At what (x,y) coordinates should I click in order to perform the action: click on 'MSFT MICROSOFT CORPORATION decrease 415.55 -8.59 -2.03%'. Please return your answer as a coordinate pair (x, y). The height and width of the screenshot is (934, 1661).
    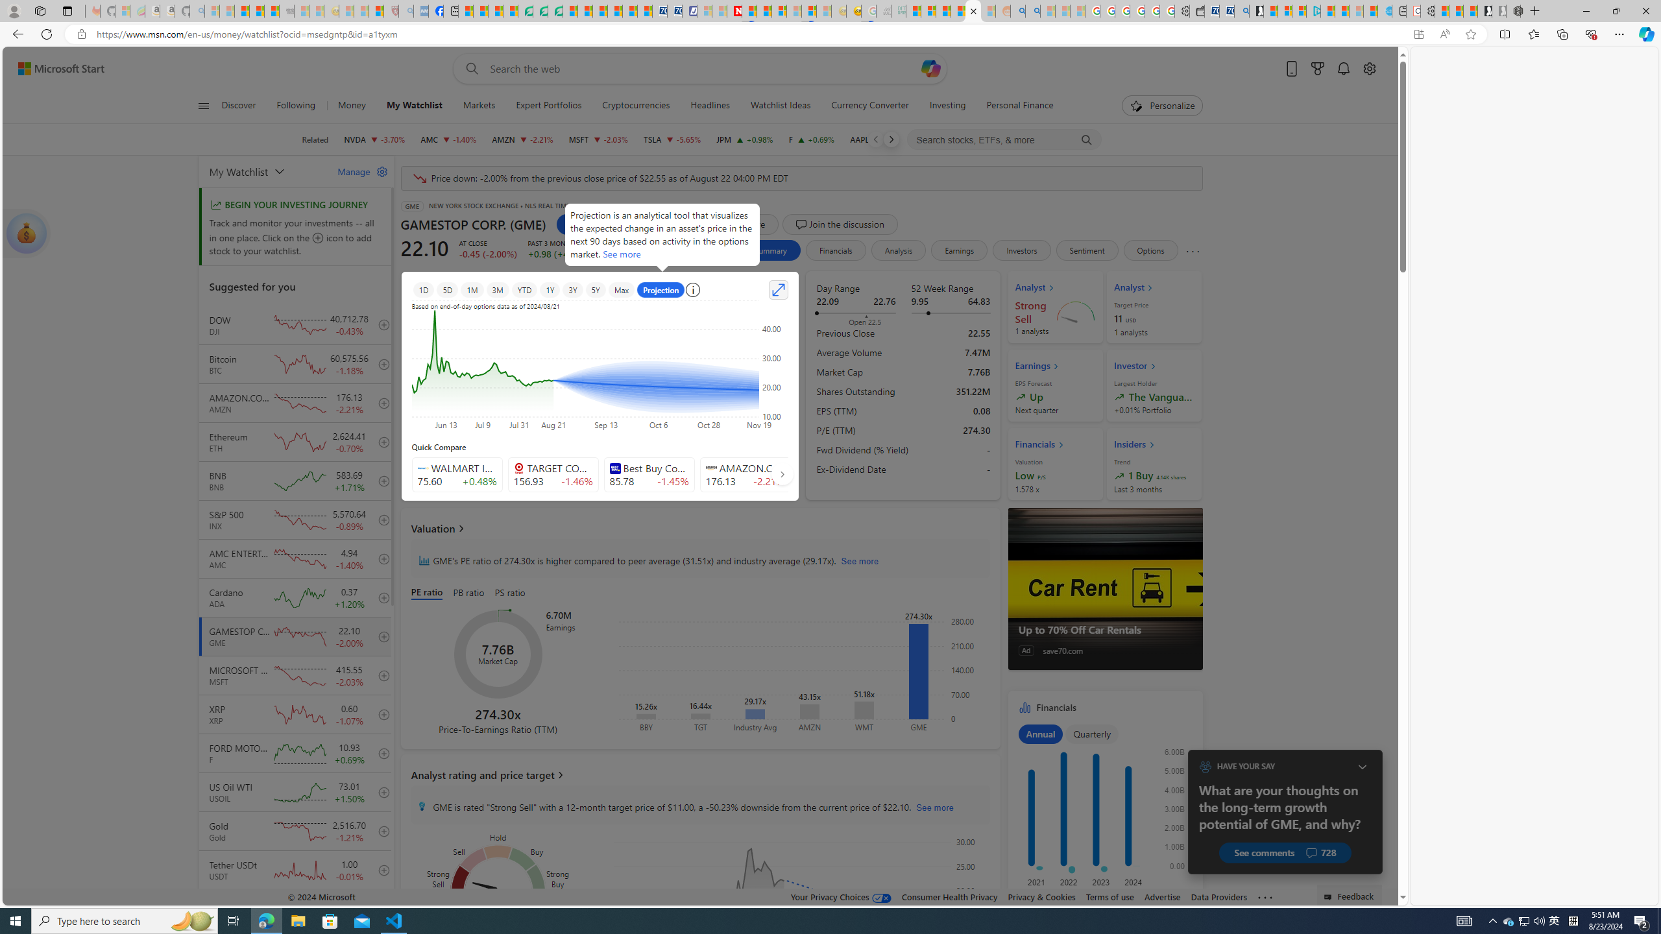
    Looking at the image, I should click on (598, 139).